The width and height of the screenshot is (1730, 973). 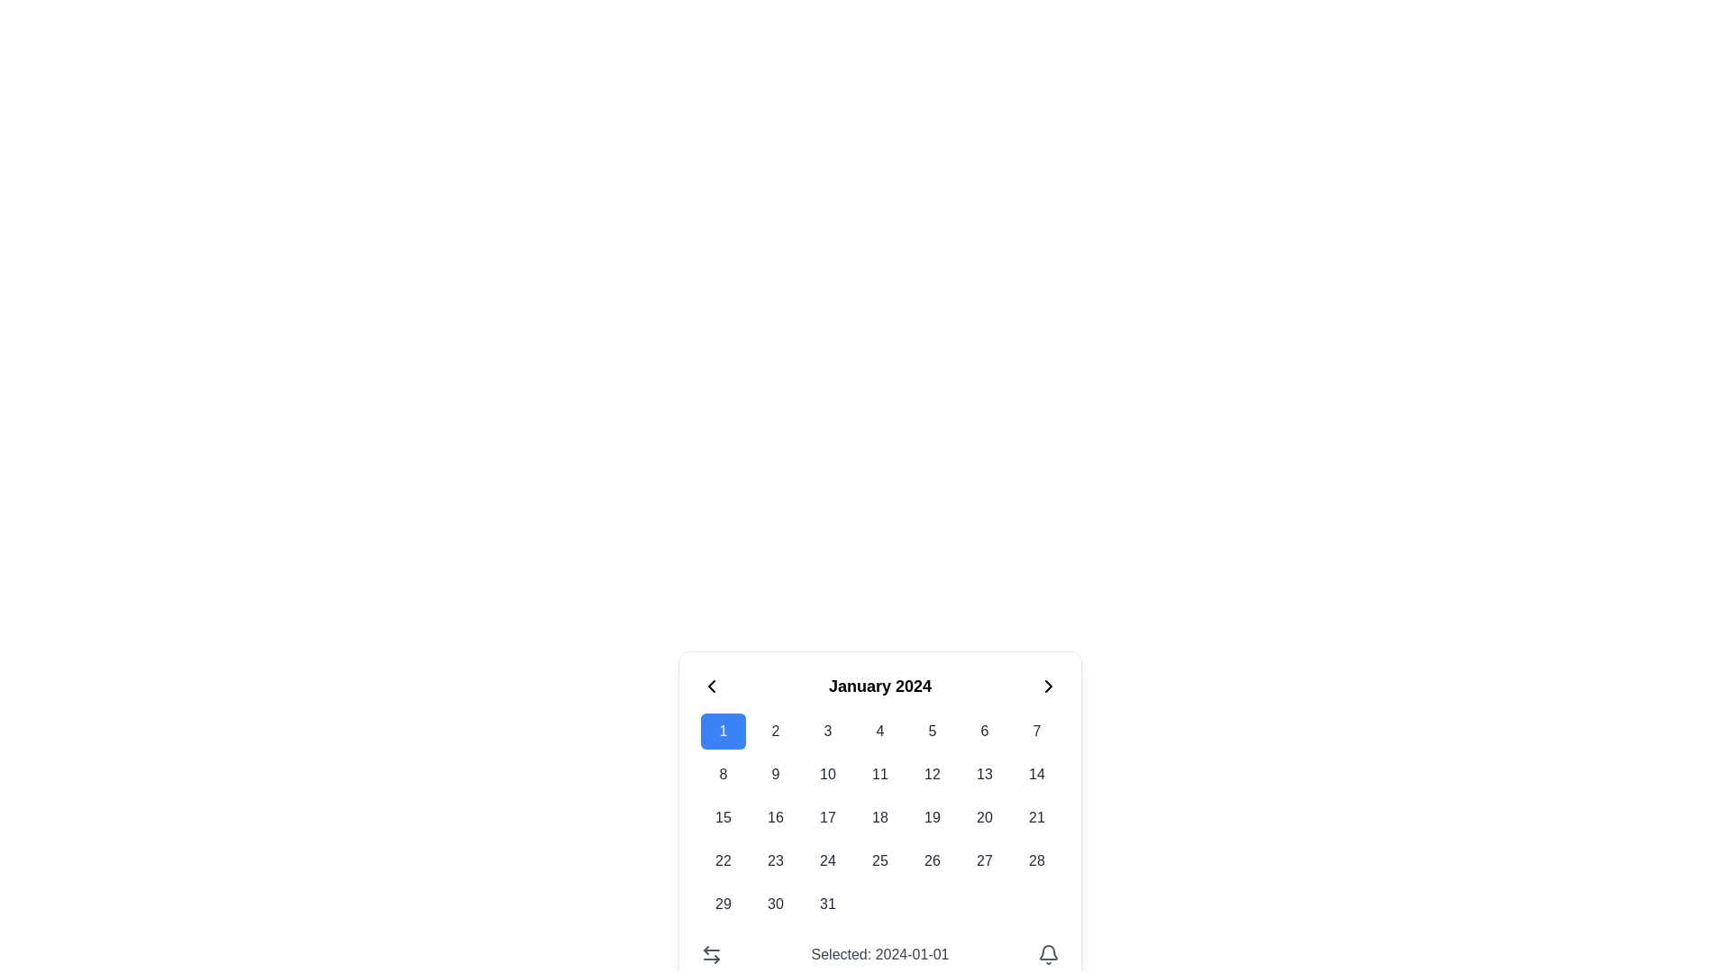 I want to click on the selectable date option in the calendar interface, which is the ninth item in a grid located in the second row and second column from the left, so click(x=775, y=774).